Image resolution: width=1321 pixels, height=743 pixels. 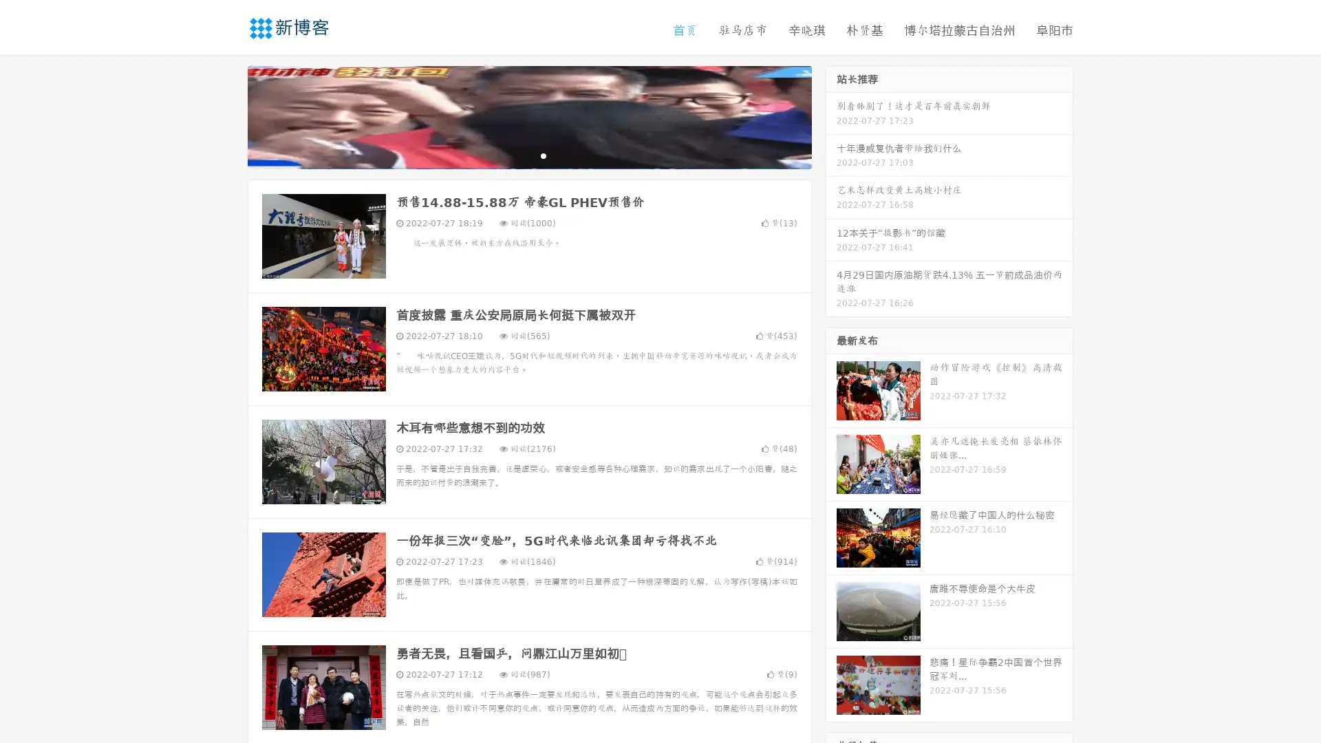 What do you see at coordinates (543, 155) in the screenshot?
I see `Go to slide 3` at bounding box center [543, 155].